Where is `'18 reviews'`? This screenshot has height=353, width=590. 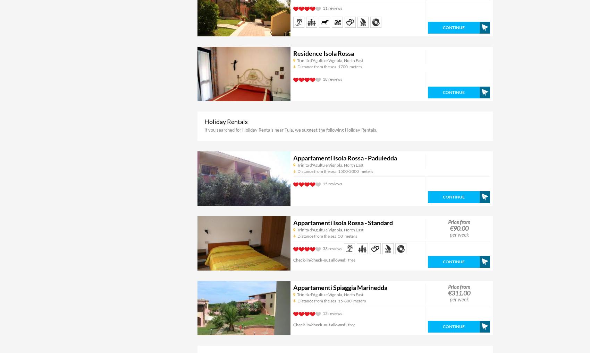
'18 reviews' is located at coordinates (322, 78).